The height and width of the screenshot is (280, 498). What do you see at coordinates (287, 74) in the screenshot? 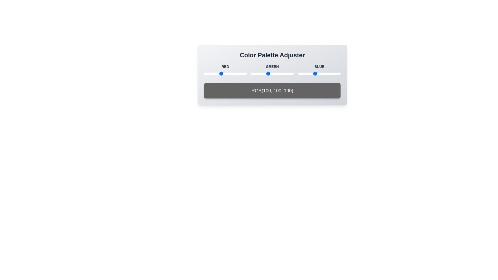
I see `the green color value to 219 by adjusting the slider` at bounding box center [287, 74].